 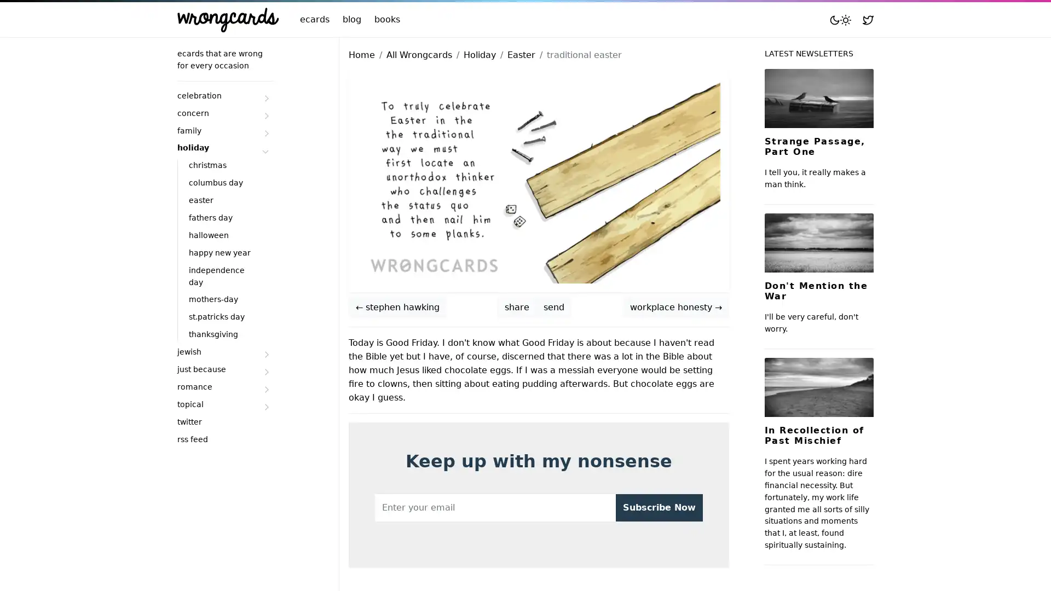 I want to click on share, so click(x=516, y=307).